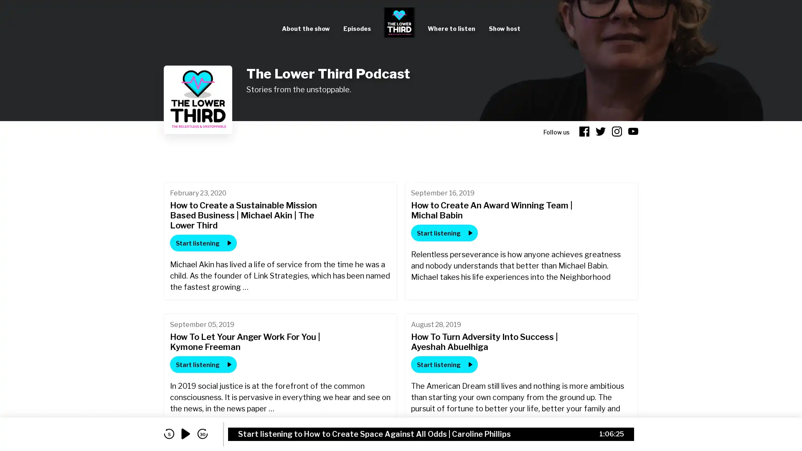 The height and width of the screenshot is (451, 802). I want to click on play audio, so click(185, 433).